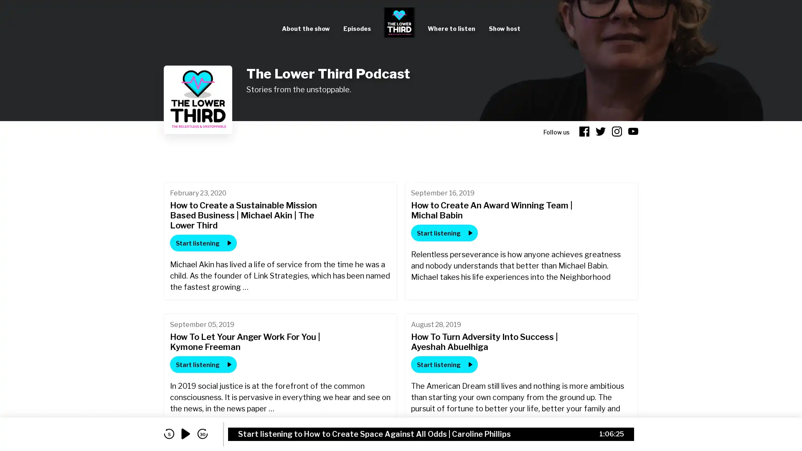 The height and width of the screenshot is (451, 802). I want to click on play audio, so click(185, 433).